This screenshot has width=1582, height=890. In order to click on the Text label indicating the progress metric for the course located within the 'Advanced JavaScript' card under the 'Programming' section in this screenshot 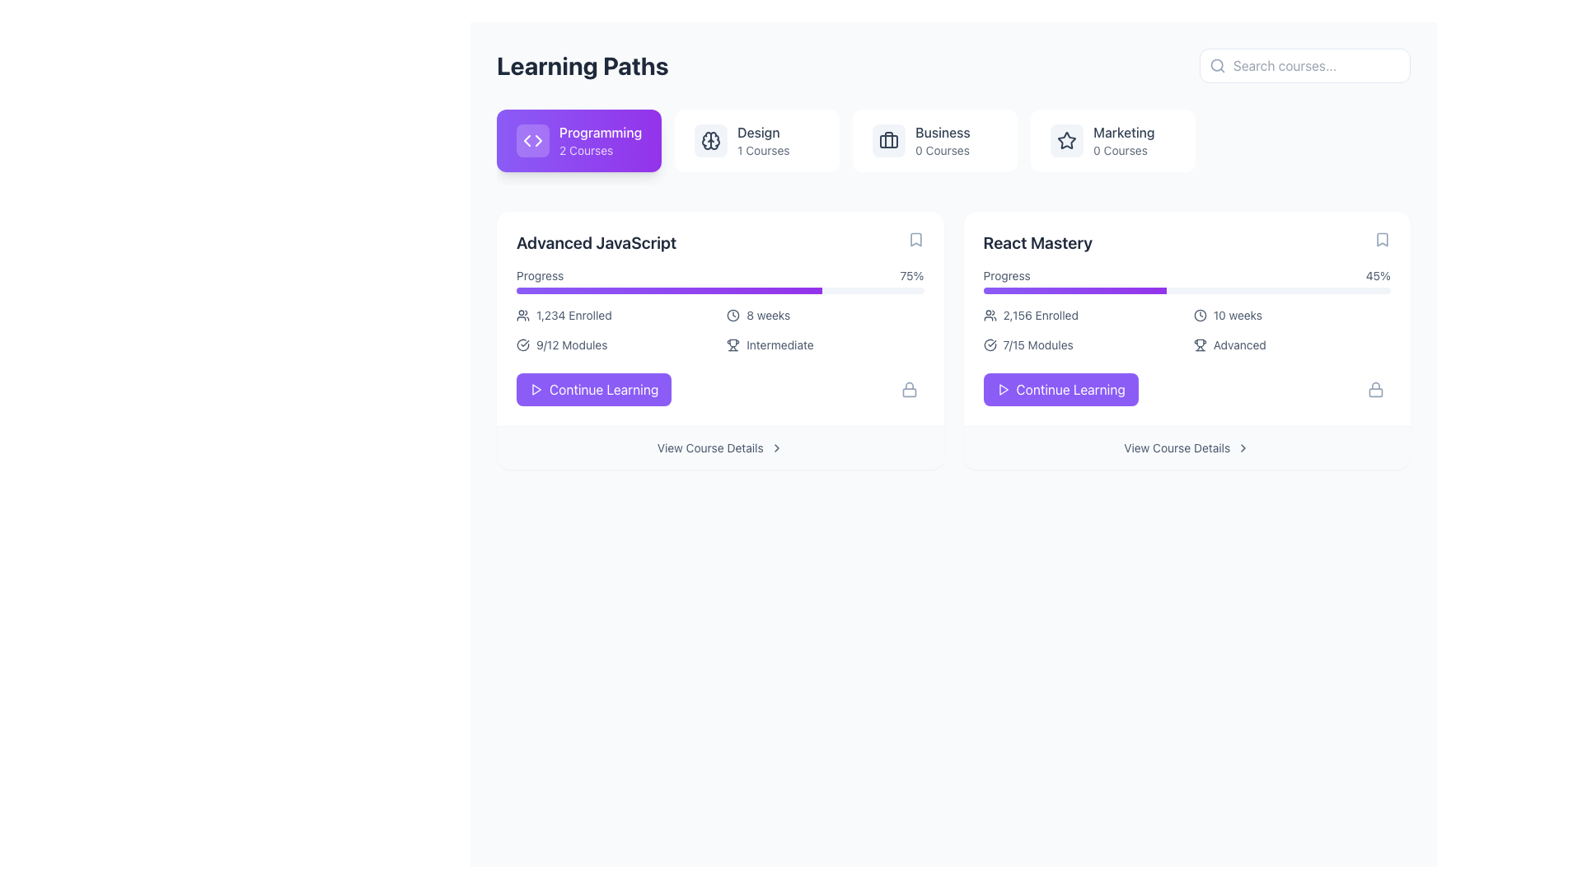, I will do `click(540, 275)`.